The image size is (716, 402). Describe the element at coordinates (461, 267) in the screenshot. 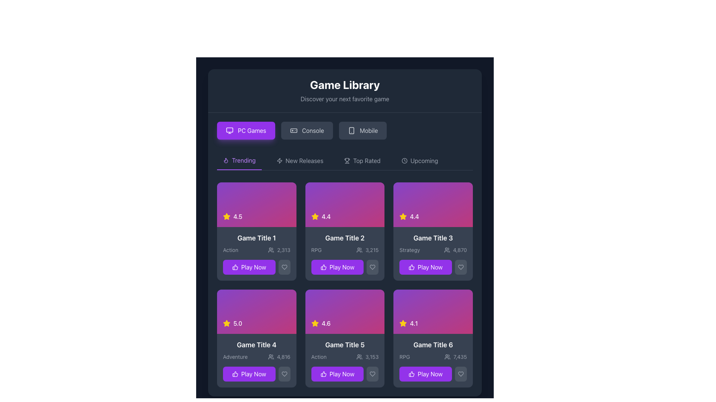

I see `the favorite button located in the bottom-right corner of the card for 'Game Title 3', positioned to the right of the 'Play Now' button, to change its style` at that location.